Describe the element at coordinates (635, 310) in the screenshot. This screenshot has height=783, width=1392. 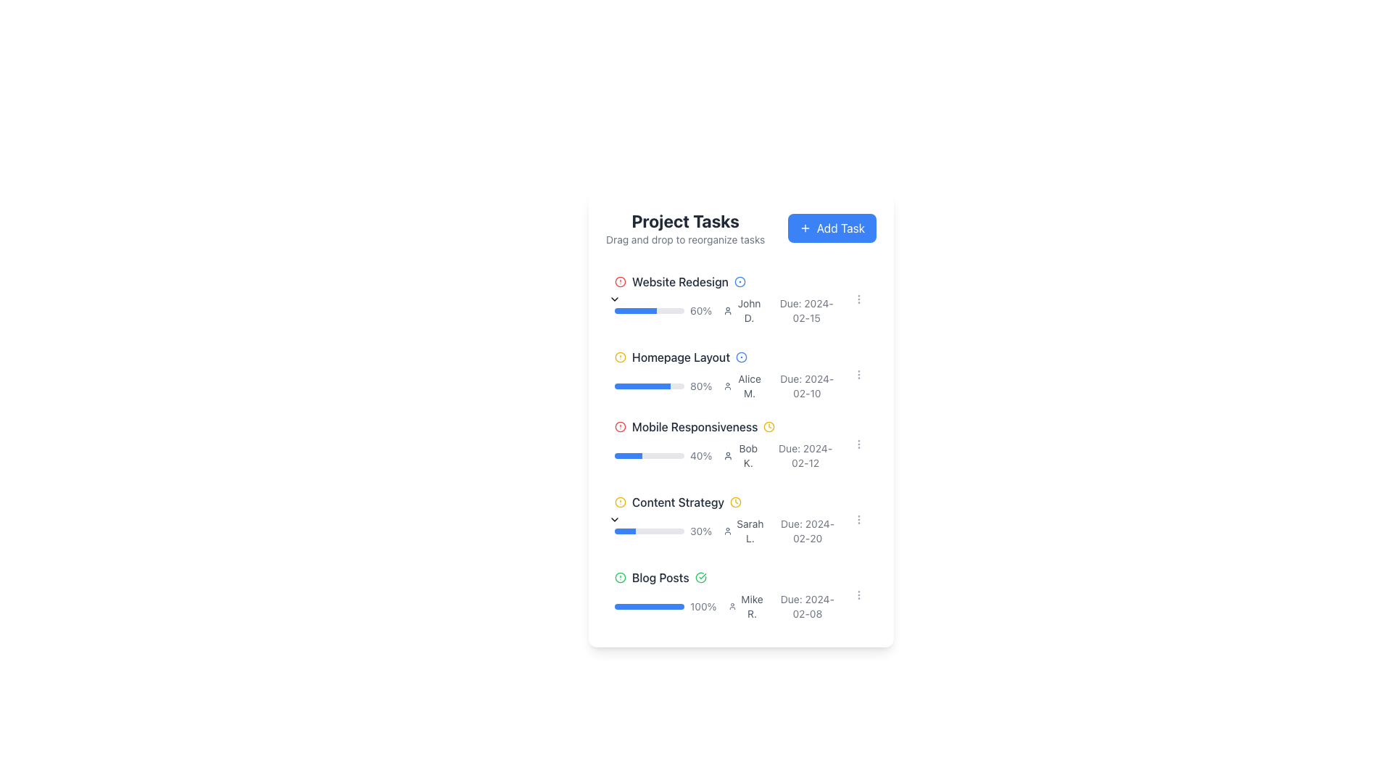
I see `the blue segment of the progress bar representing 60% completion for the 'Website Redesign' task, which is the top-most task in the 'Project Tasks' list` at that location.